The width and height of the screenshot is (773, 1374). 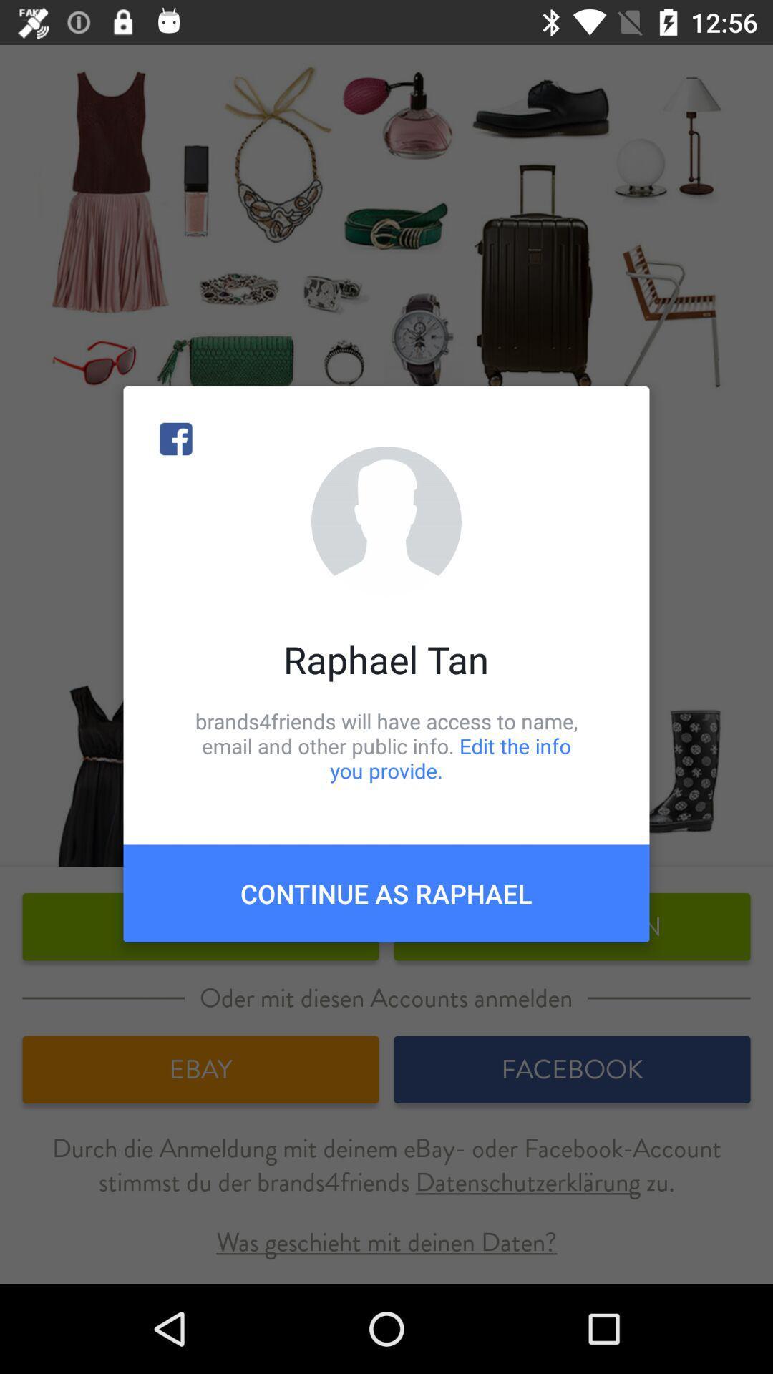 What do you see at coordinates (386, 892) in the screenshot?
I see `the icon below the brands4friends will have` at bounding box center [386, 892].